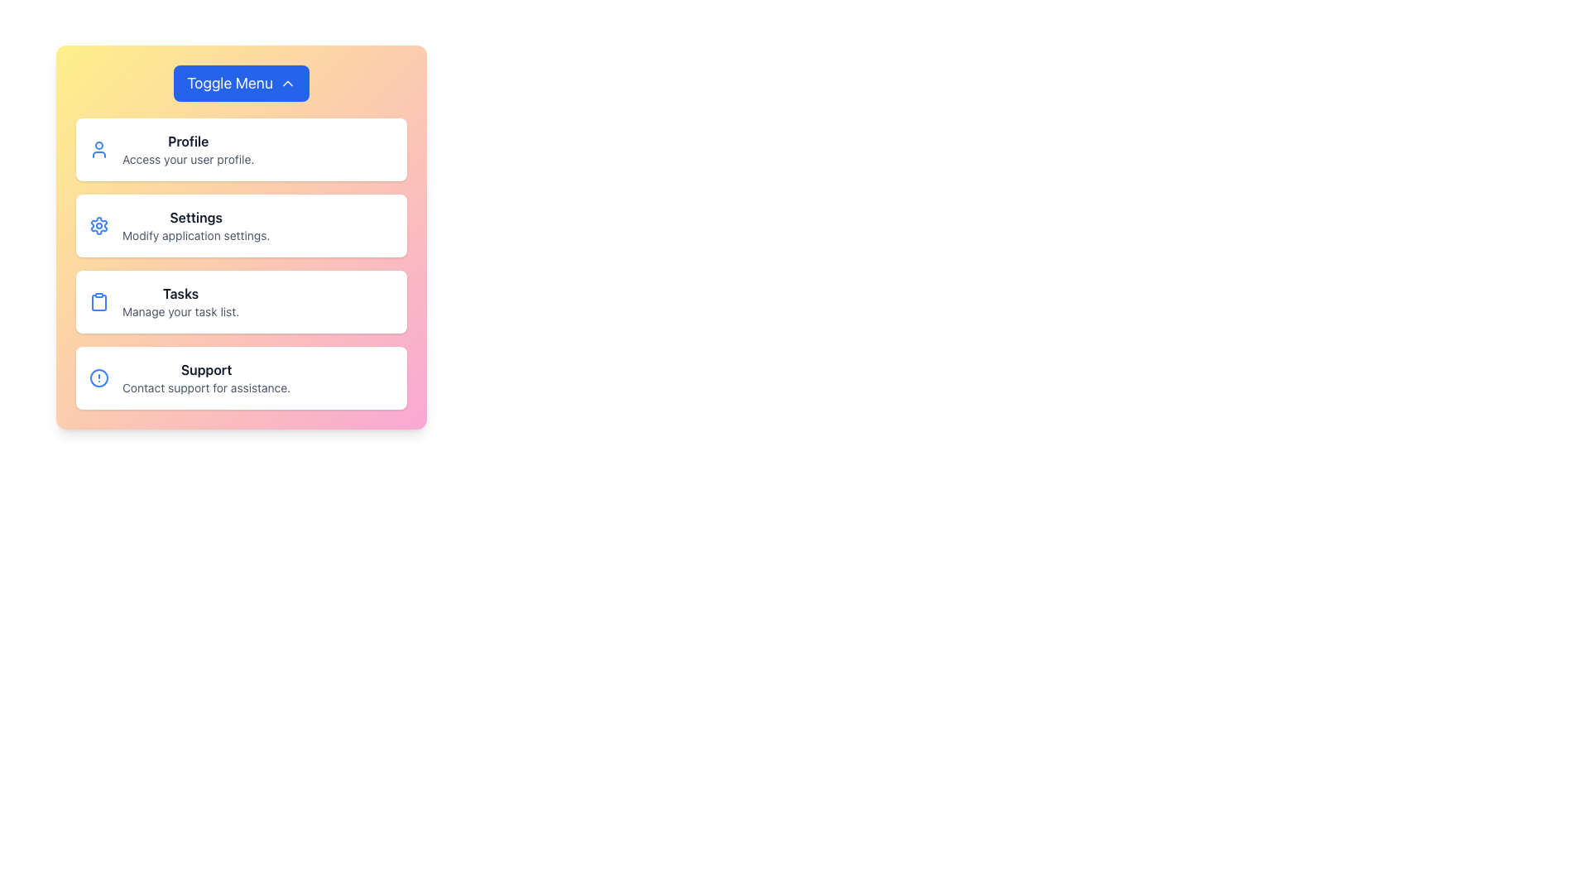 The width and height of the screenshot is (1589, 894). I want to click on the 'Tasks' icon, which is a clipboard icon located to the left of the 'Tasks' text in the third menu item of a vertical menu, so click(98, 302).